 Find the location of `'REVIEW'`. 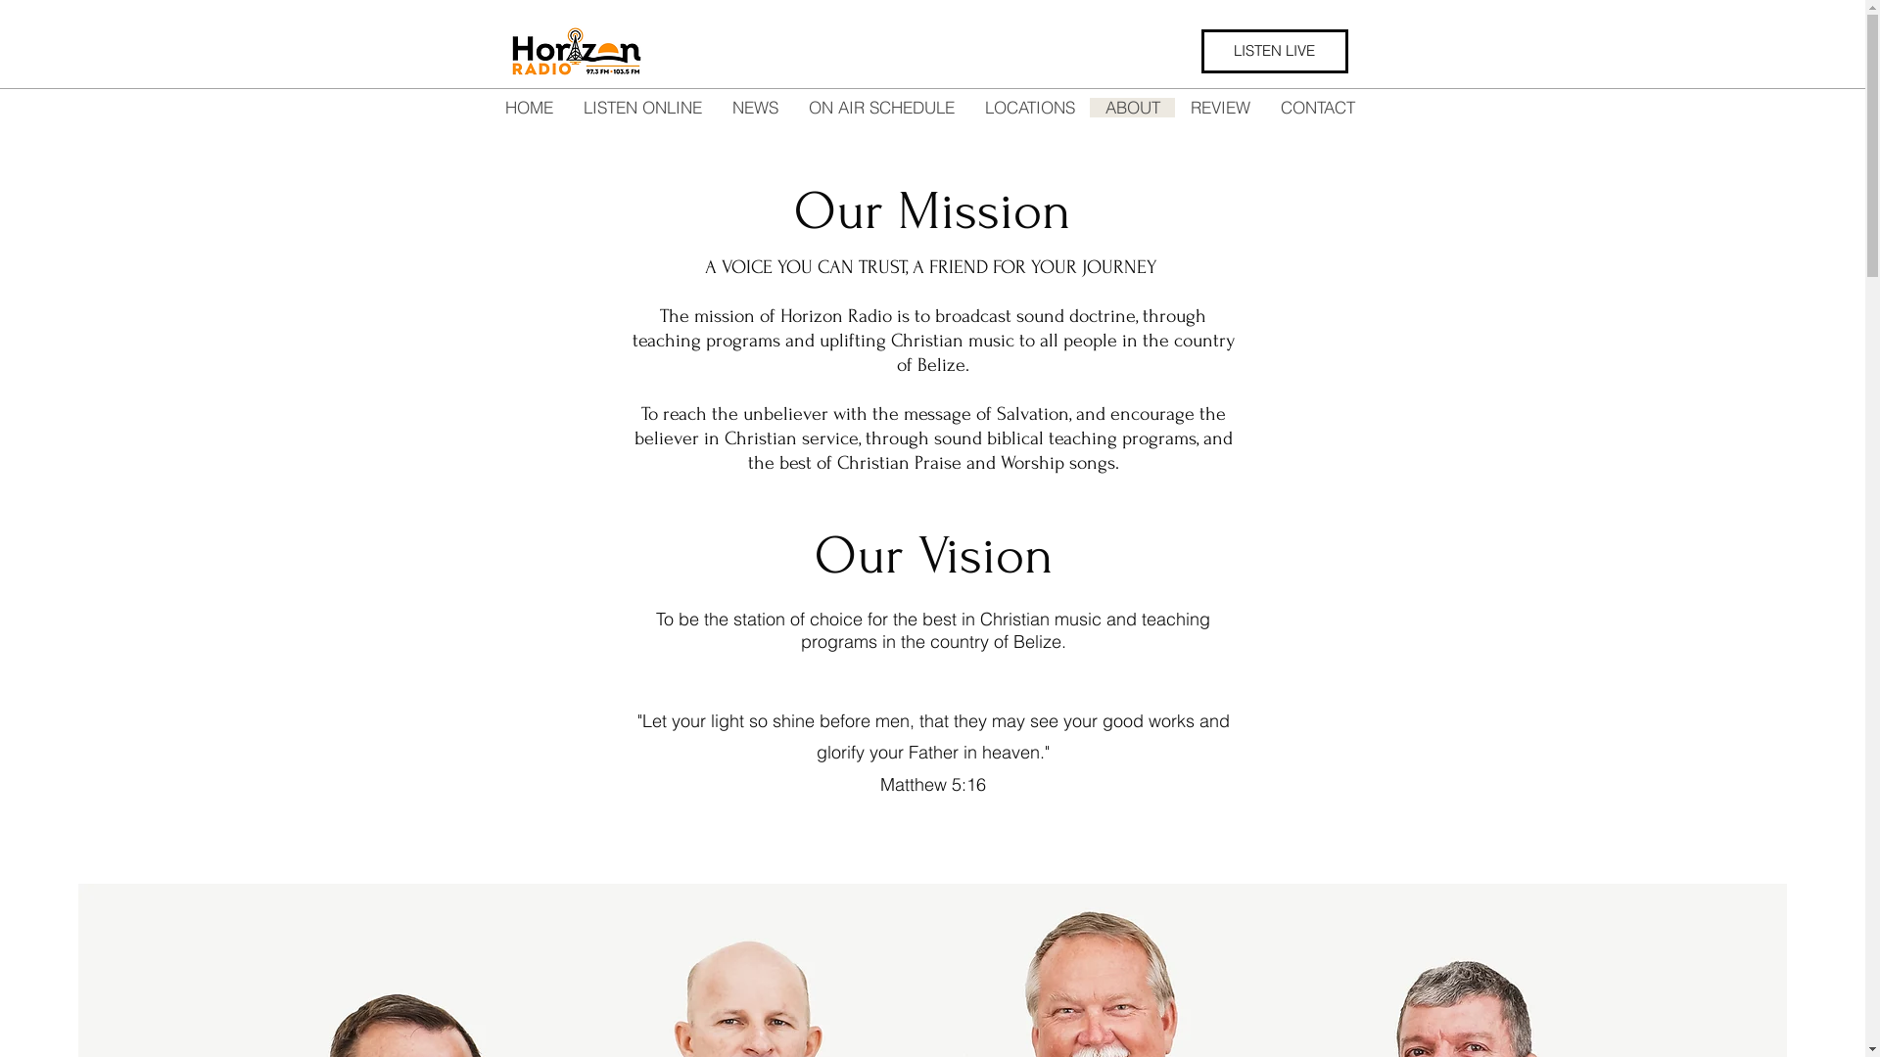

'REVIEW' is located at coordinates (1219, 108).